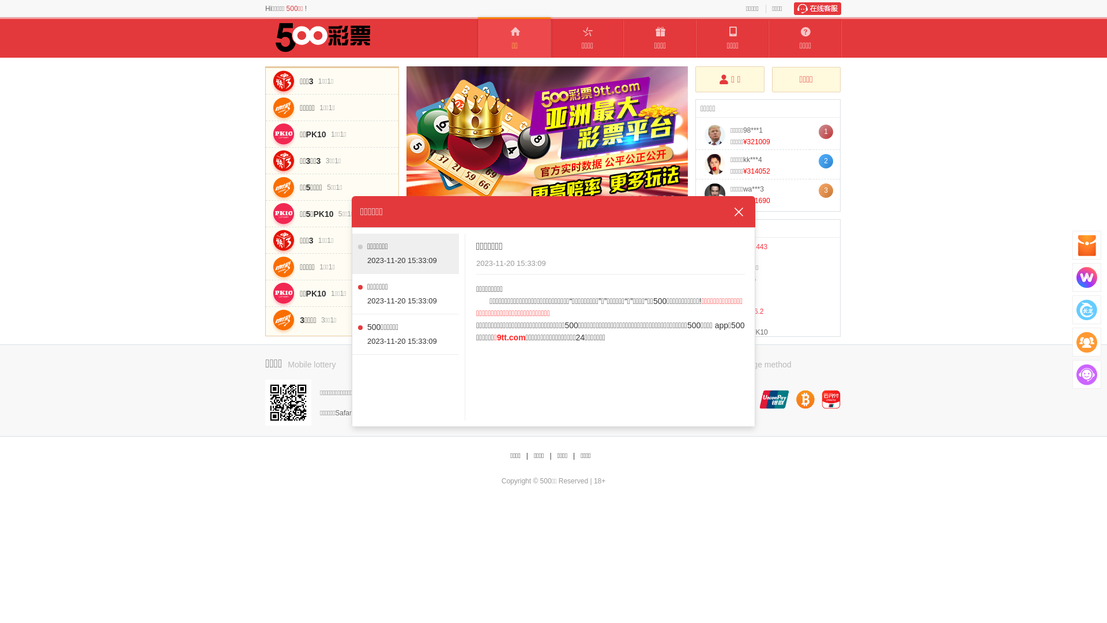 This screenshot has width=1107, height=623. What do you see at coordinates (526, 455) in the screenshot?
I see `'|'` at bounding box center [526, 455].